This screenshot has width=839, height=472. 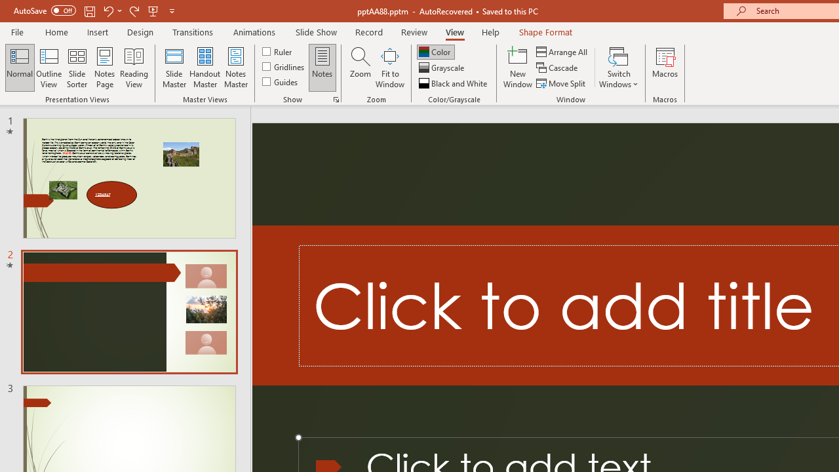 What do you see at coordinates (562, 83) in the screenshot?
I see `'Move Split'` at bounding box center [562, 83].